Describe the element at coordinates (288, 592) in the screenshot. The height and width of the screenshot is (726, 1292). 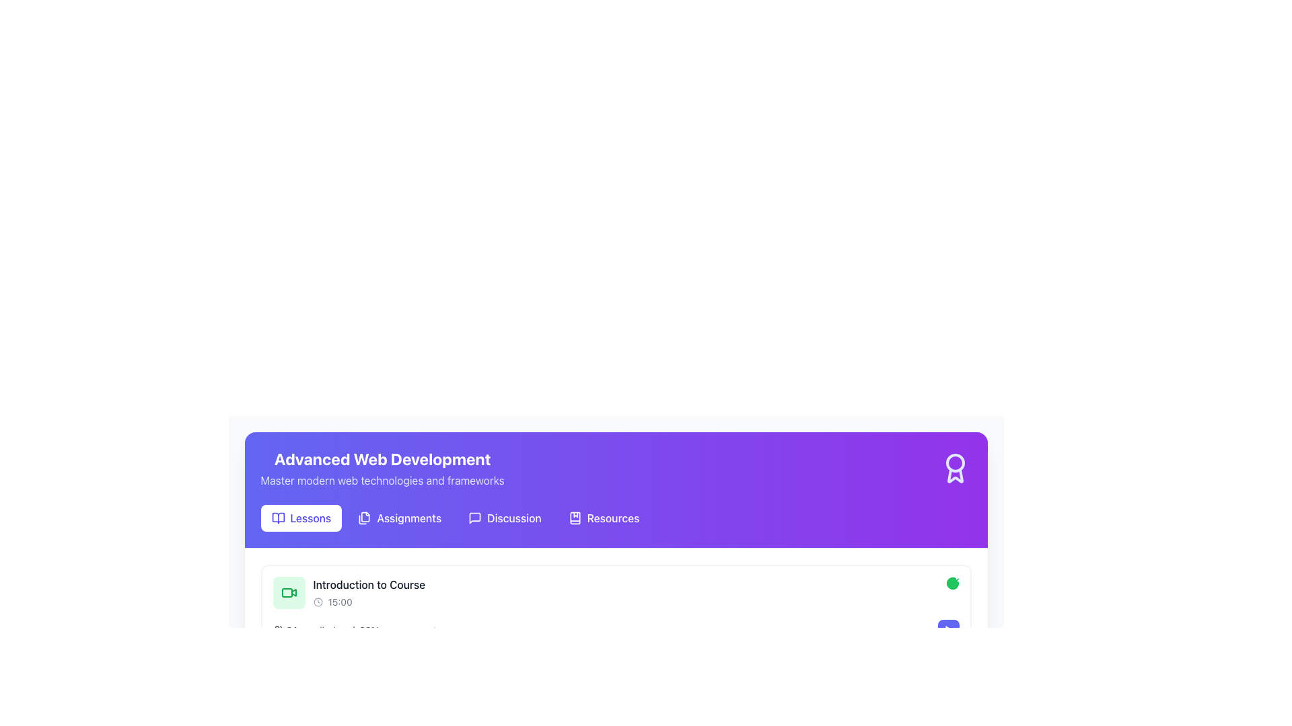
I see `the green video camera icon located under the 'Advanced Web Development' header` at that location.